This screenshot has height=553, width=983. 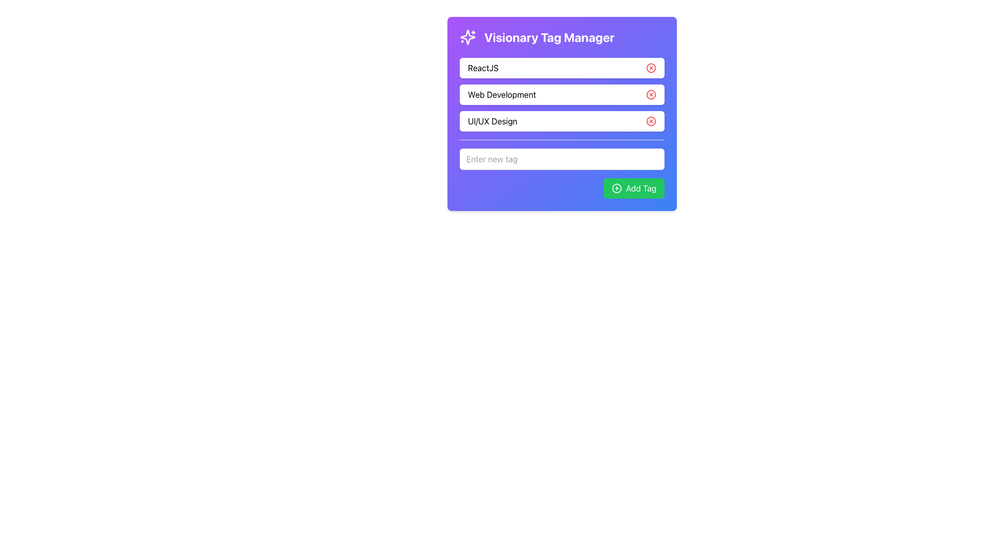 I want to click on the green 'Add Tag' button with rounded corners, featuring a plus icon on the left, so click(x=633, y=188).